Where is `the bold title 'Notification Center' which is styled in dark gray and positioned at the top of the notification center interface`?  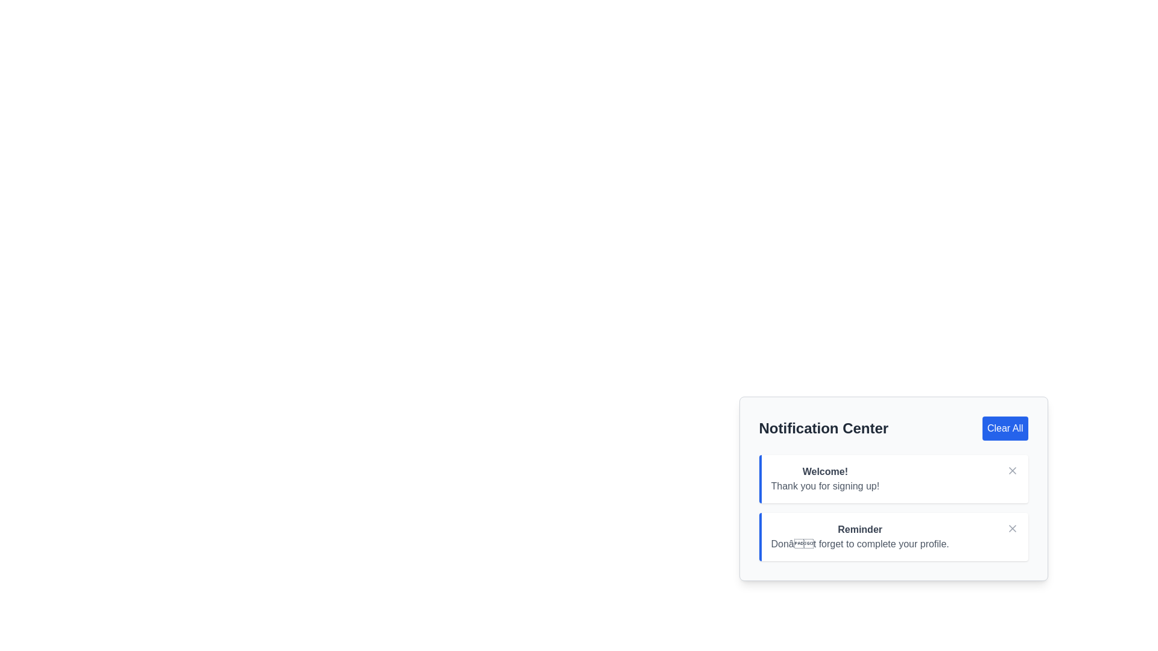 the bold title 'Notification Center' which is styled in dark gray and positioned at the top of the notification center interface is located at coordinates (823, 427).